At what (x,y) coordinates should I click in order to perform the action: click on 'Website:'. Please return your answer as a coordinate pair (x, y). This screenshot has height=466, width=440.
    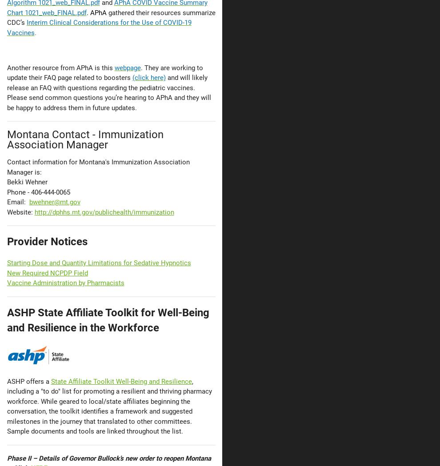
    Looking at the image, I should click on (20, 211).